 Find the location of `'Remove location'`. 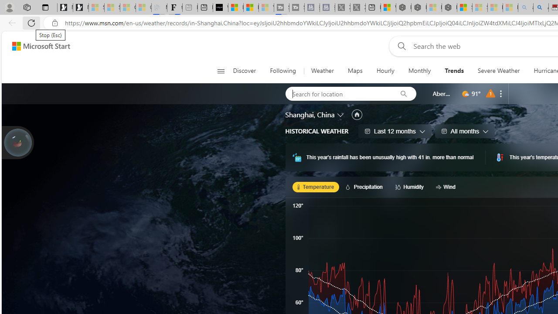

'Remove location' is located at coordinates (501, 93).